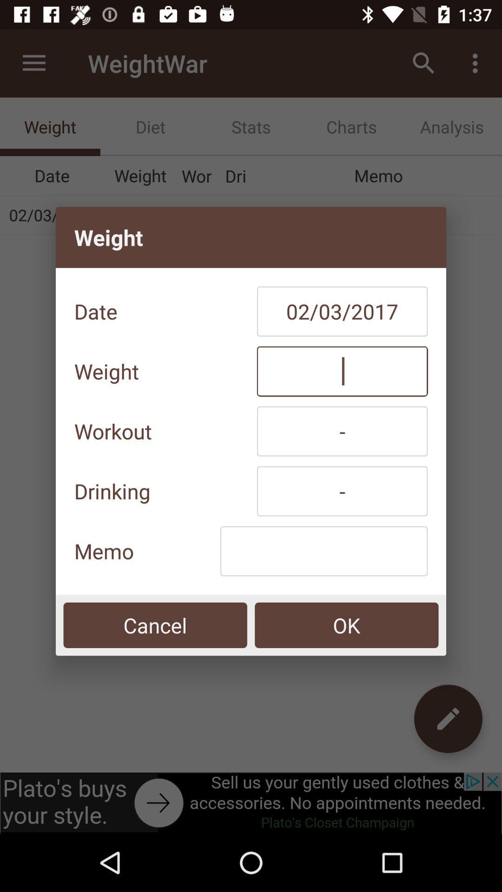  I want to click on icon to the right of weight, so click(342, 371).